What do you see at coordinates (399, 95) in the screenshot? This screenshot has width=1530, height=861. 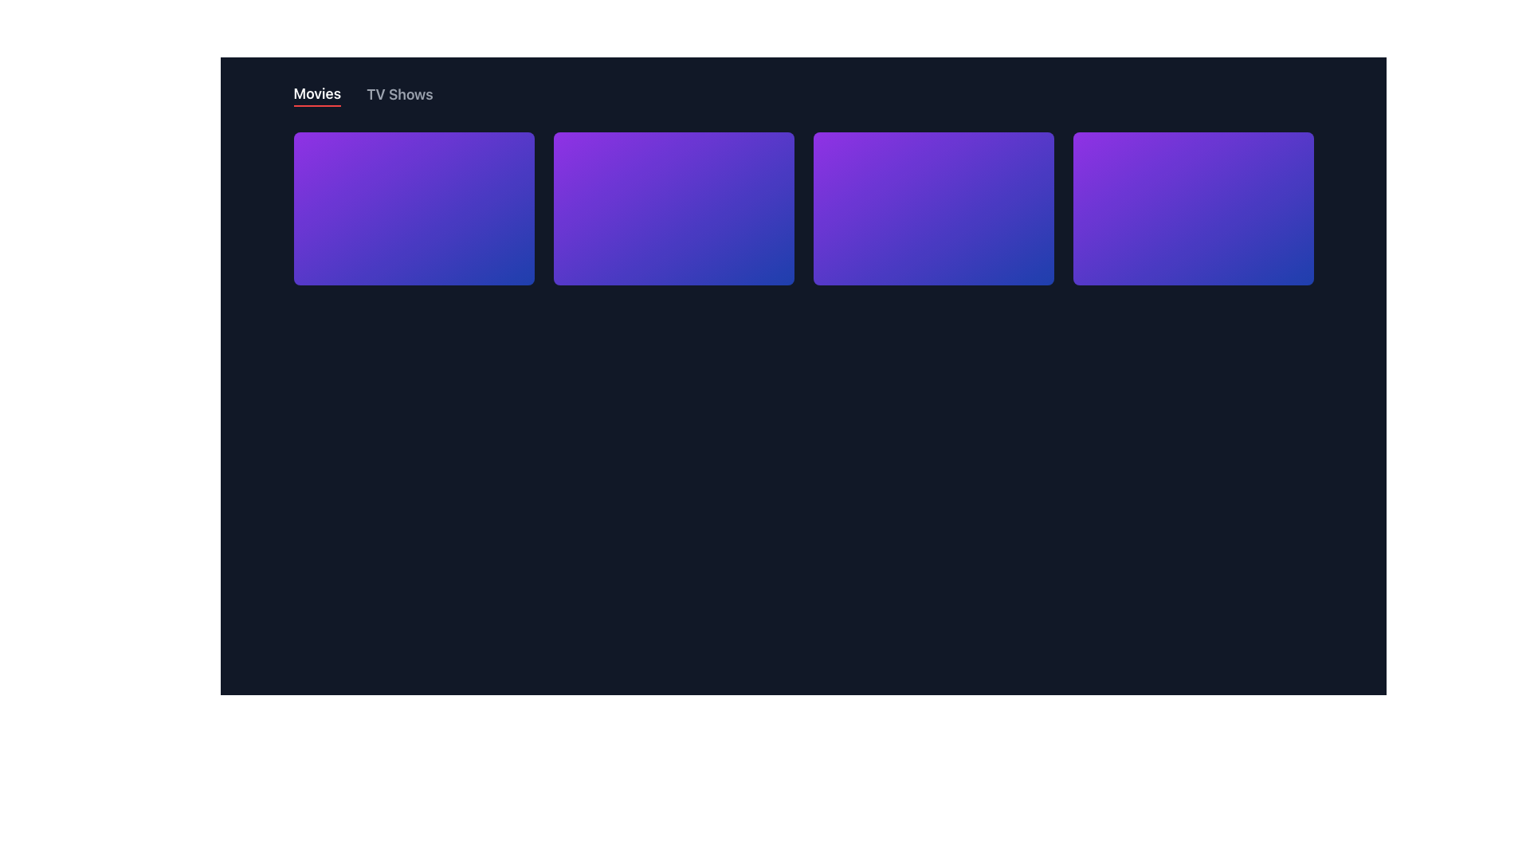 I see `the 'TV Shows' navigation link in the horizontal menu` at bounding box center [399, 95].